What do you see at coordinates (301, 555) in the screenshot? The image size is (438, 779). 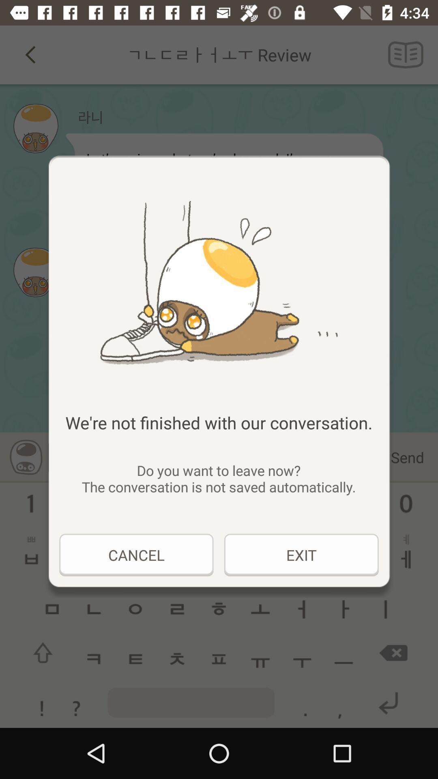 I see `the item next to the cancel item` at bounding box center [301, 555].